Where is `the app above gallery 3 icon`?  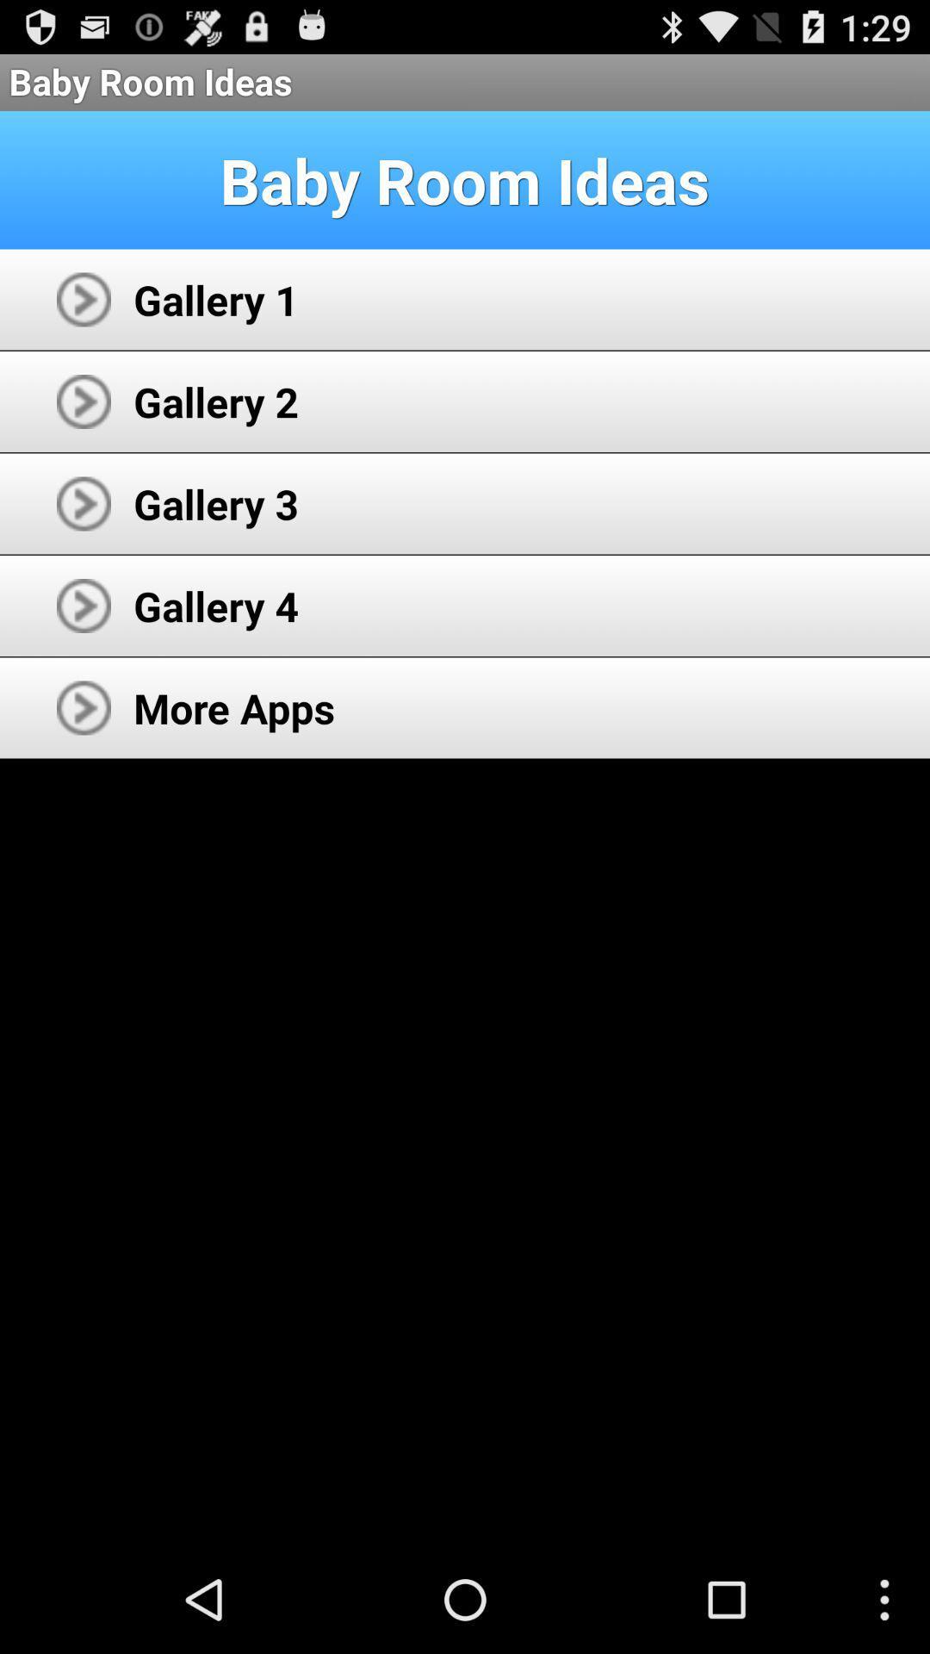 the app above gallery 3 icon is located at coordinates (215, 401).